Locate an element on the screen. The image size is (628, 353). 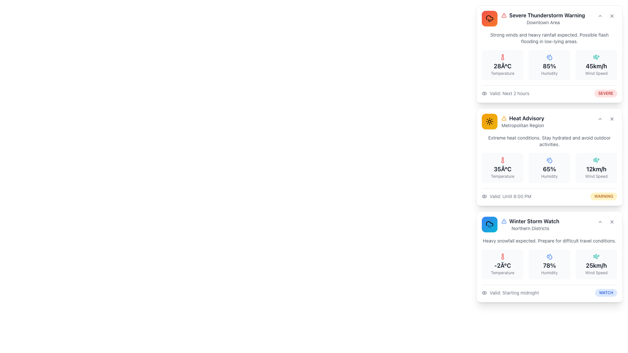
the Text label indicating humidity located below the '85%' percentage value in the weather information card is located at coordinates (549, 73).